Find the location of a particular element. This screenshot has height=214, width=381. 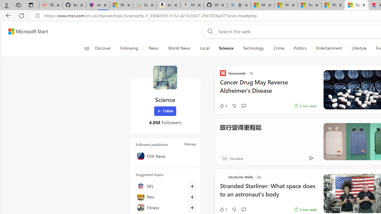

'Politics' is located at coordinates (300, 48).